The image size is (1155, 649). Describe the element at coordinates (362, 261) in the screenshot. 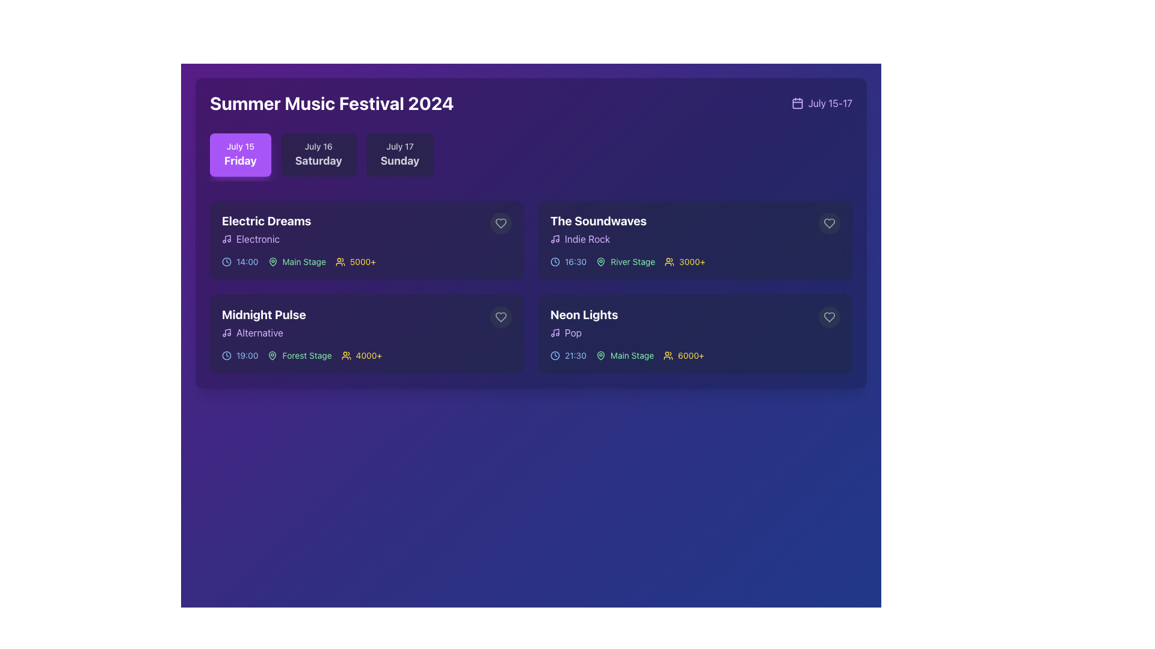

I see `the static text label displaying '5000+' styled in yellow font, located to the right of the people icon in the 'Electric Dreams' section` at that location.